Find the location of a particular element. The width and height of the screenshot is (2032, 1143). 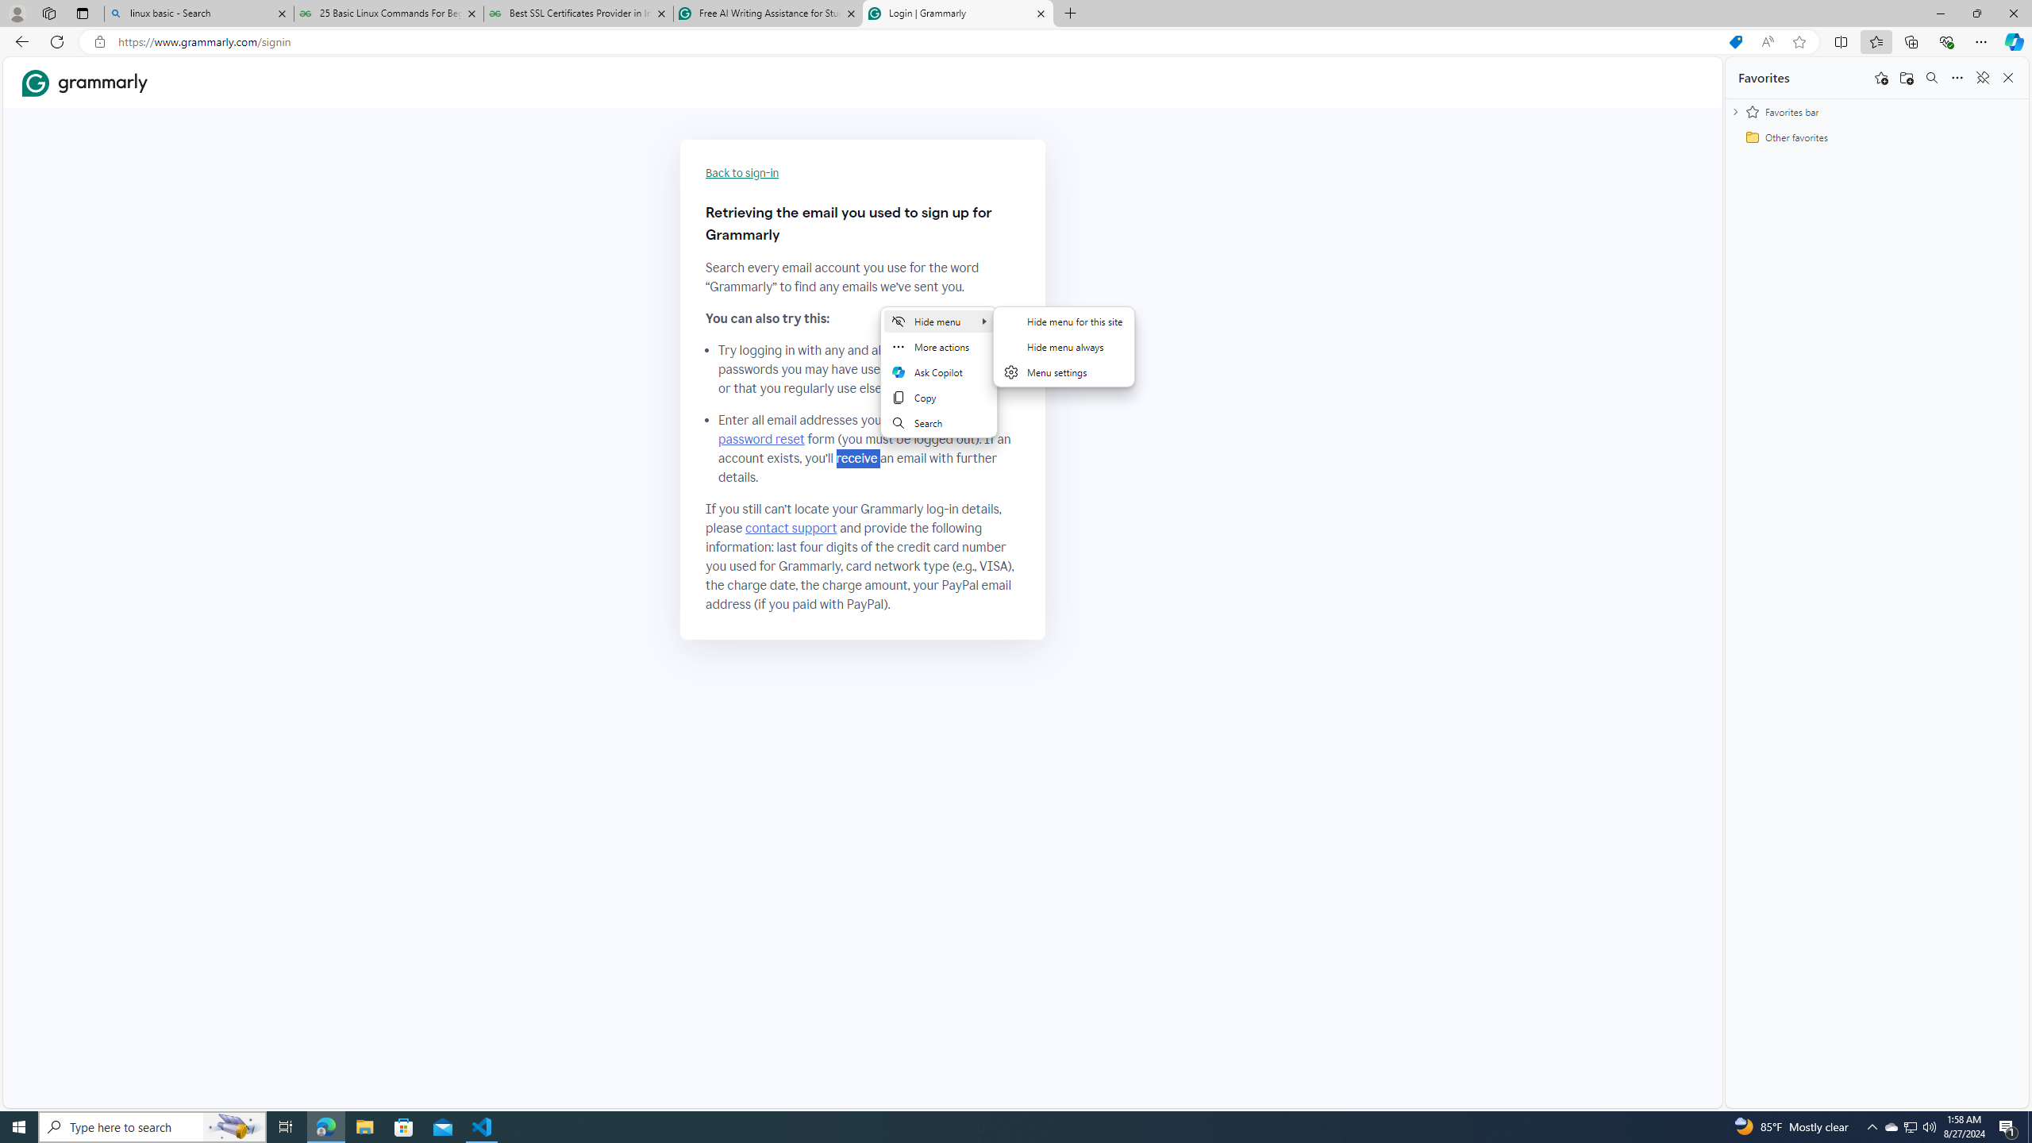

'Grammarly Home' is located at coordinates (84, 82).